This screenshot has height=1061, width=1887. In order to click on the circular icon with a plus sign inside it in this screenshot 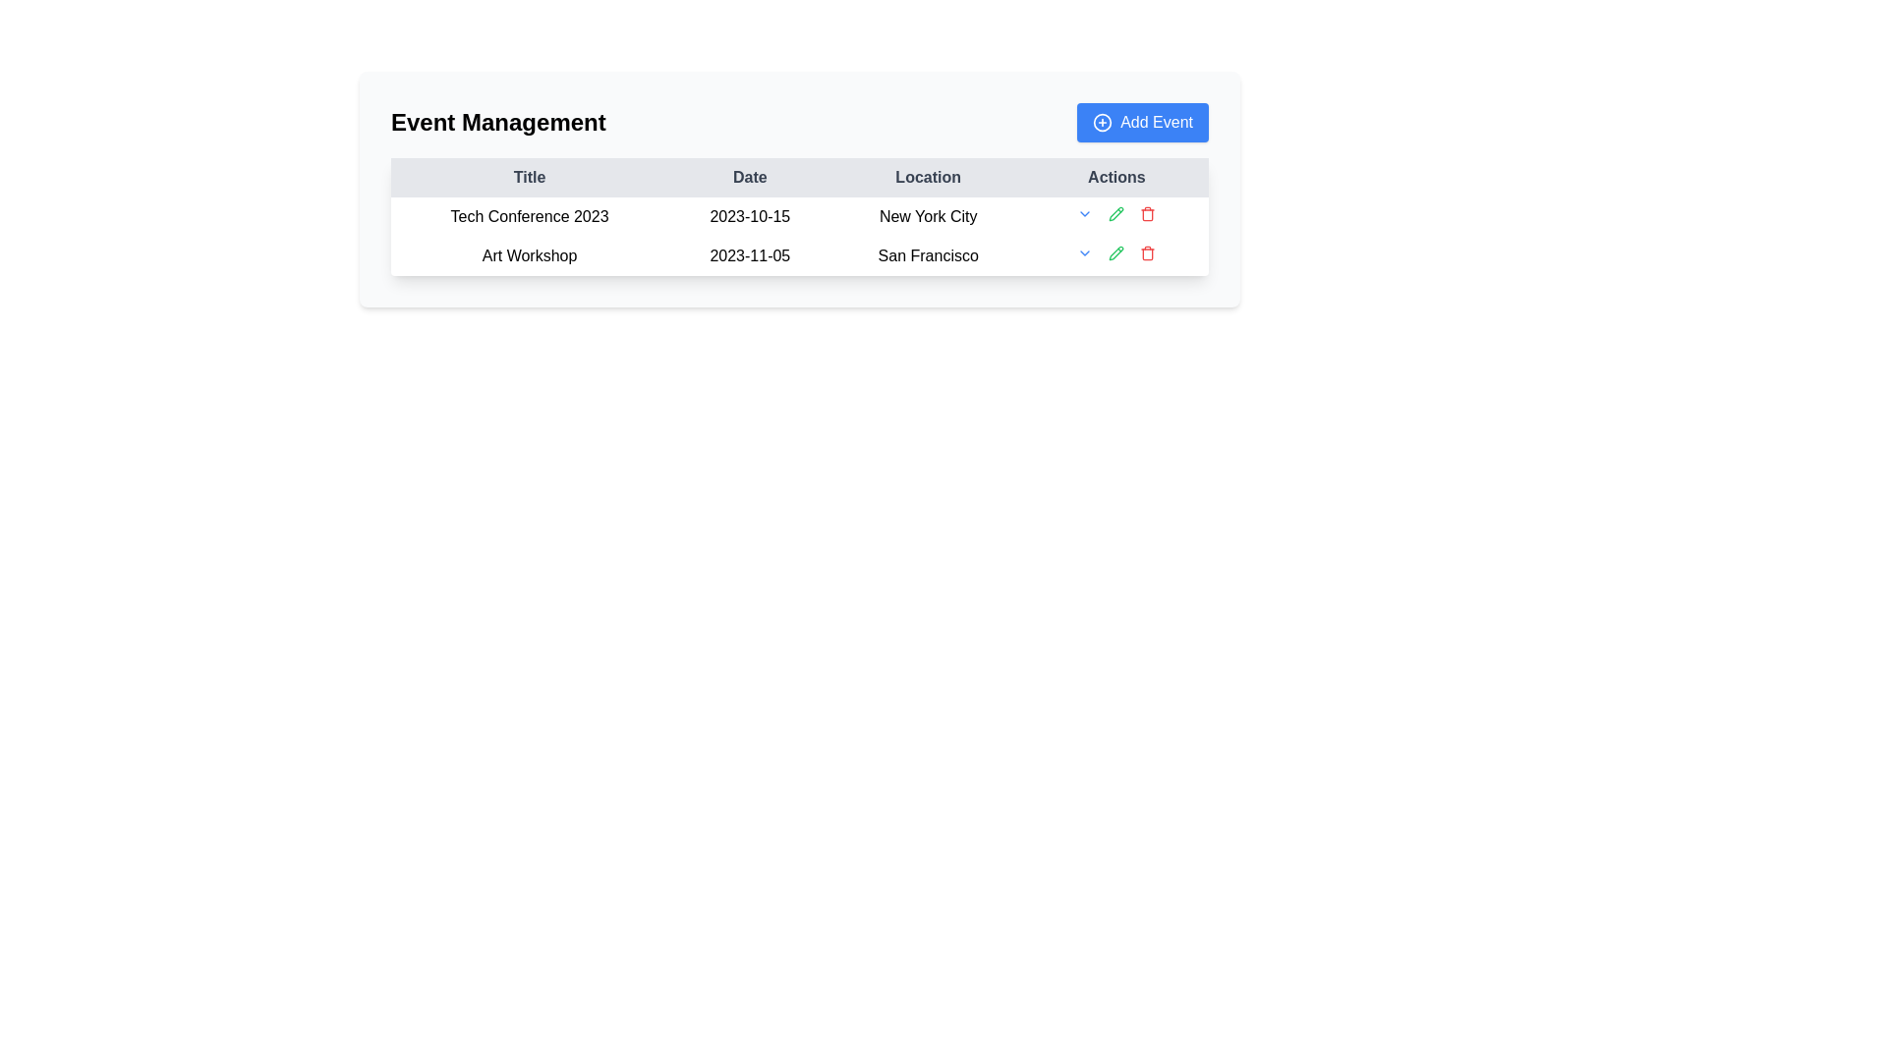, I will do `click(1103, 122)`.